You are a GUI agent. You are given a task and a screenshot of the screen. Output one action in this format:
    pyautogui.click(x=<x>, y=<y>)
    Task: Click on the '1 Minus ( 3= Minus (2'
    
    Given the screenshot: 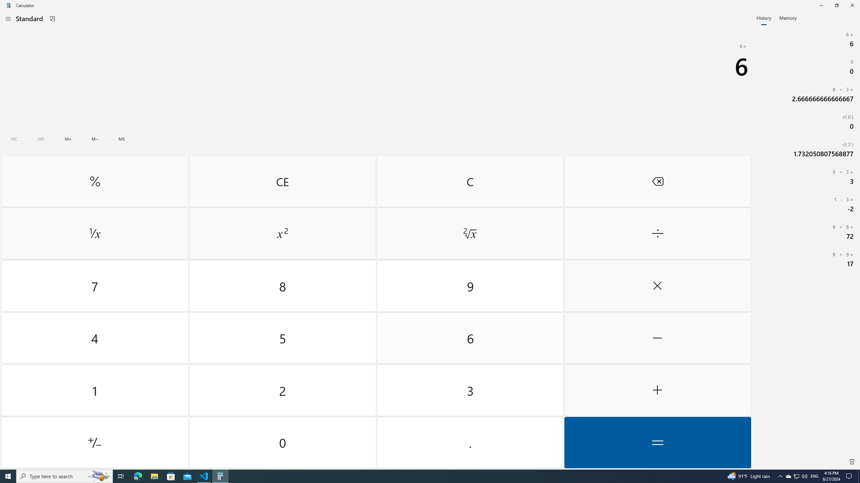 What is the action you would take?
    pyautogui.click(x=806, y=204)
    